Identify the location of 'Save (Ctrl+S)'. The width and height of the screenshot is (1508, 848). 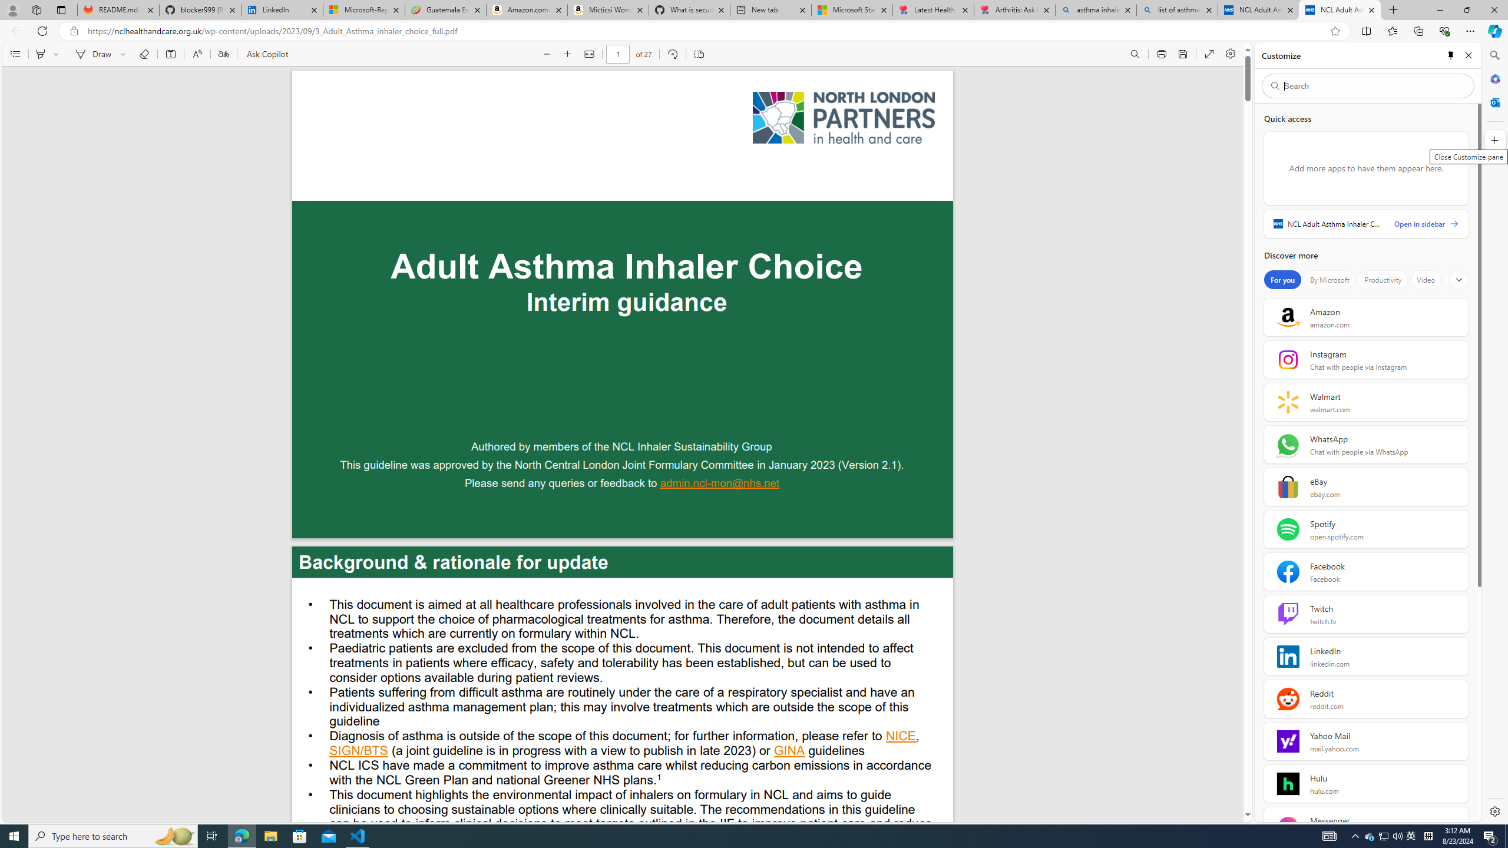
(1182, 54).